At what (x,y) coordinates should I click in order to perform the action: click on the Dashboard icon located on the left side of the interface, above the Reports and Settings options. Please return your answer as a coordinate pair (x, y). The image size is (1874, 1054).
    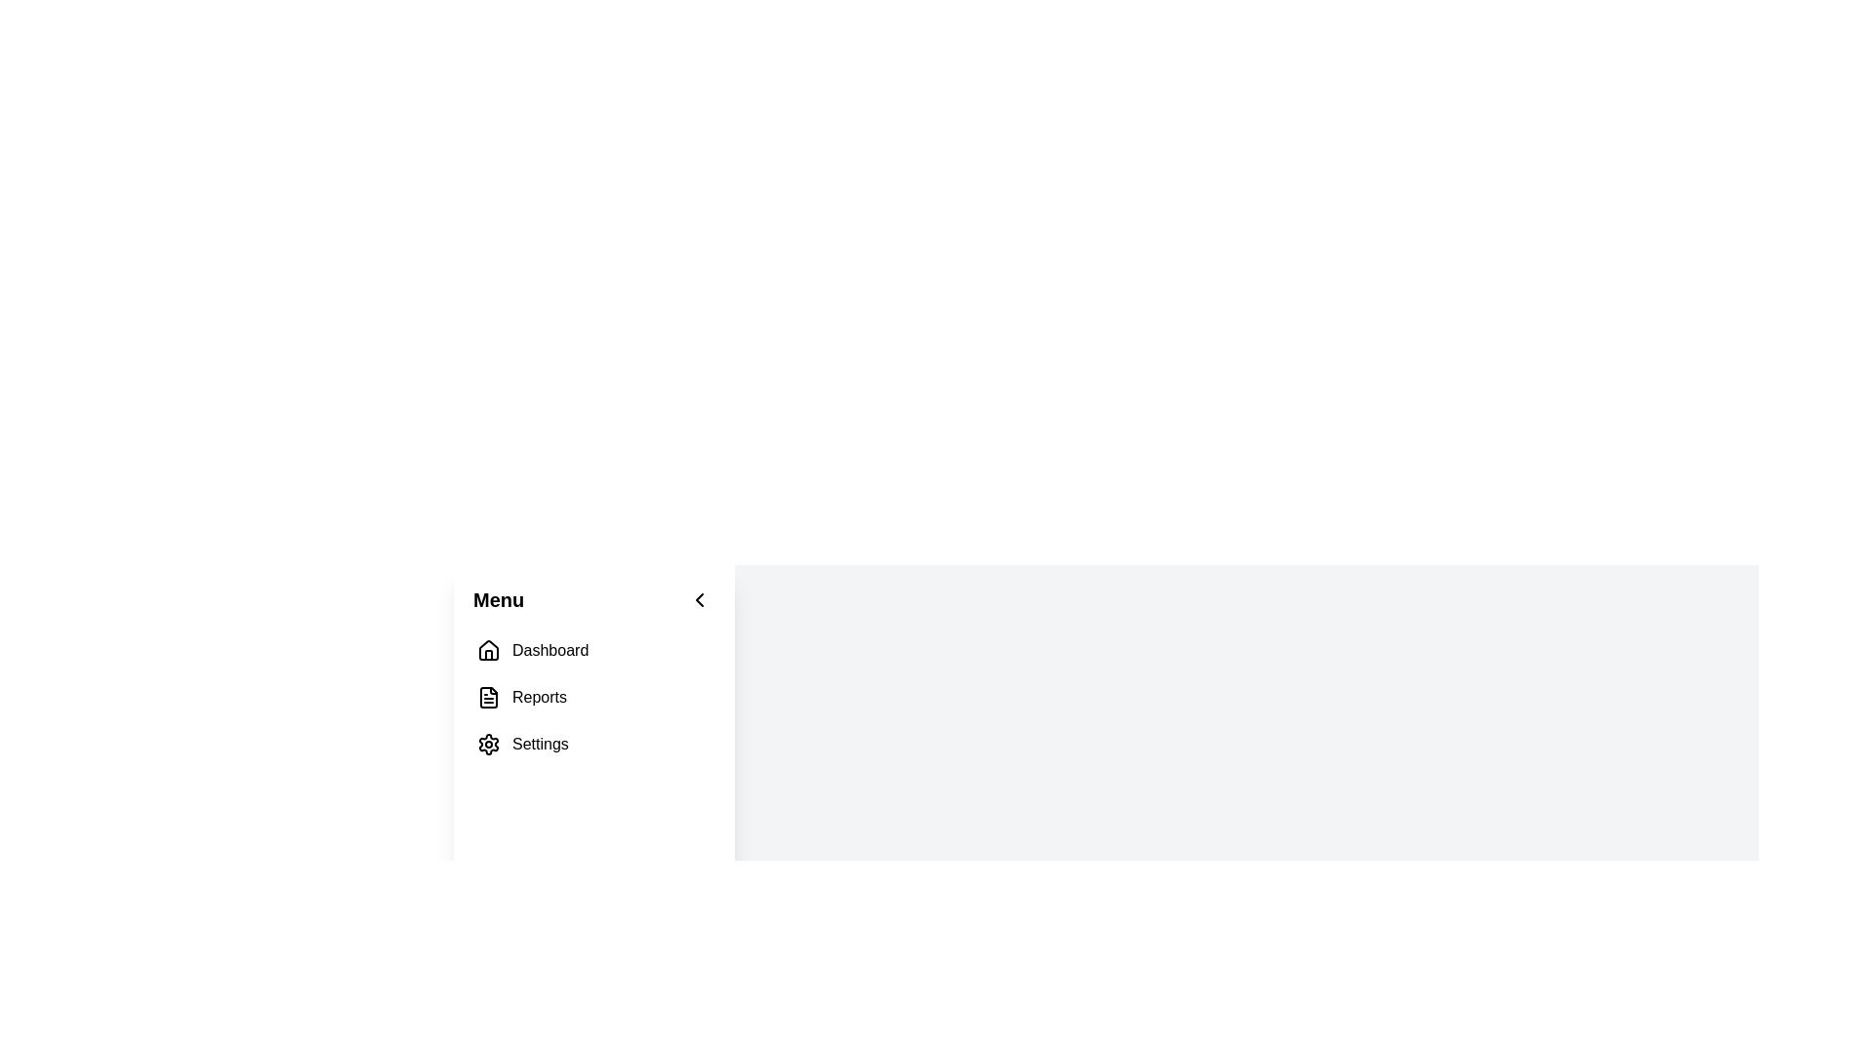
    Looking at the image, I should click on (488, 650).